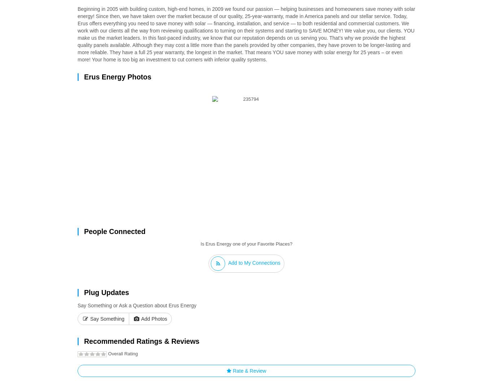 Image resolution: width=493 pixels, height=381 pixels. Describe the element at coordinates (106, 319) in the screenshot. I see `'Say Something'` at that location.